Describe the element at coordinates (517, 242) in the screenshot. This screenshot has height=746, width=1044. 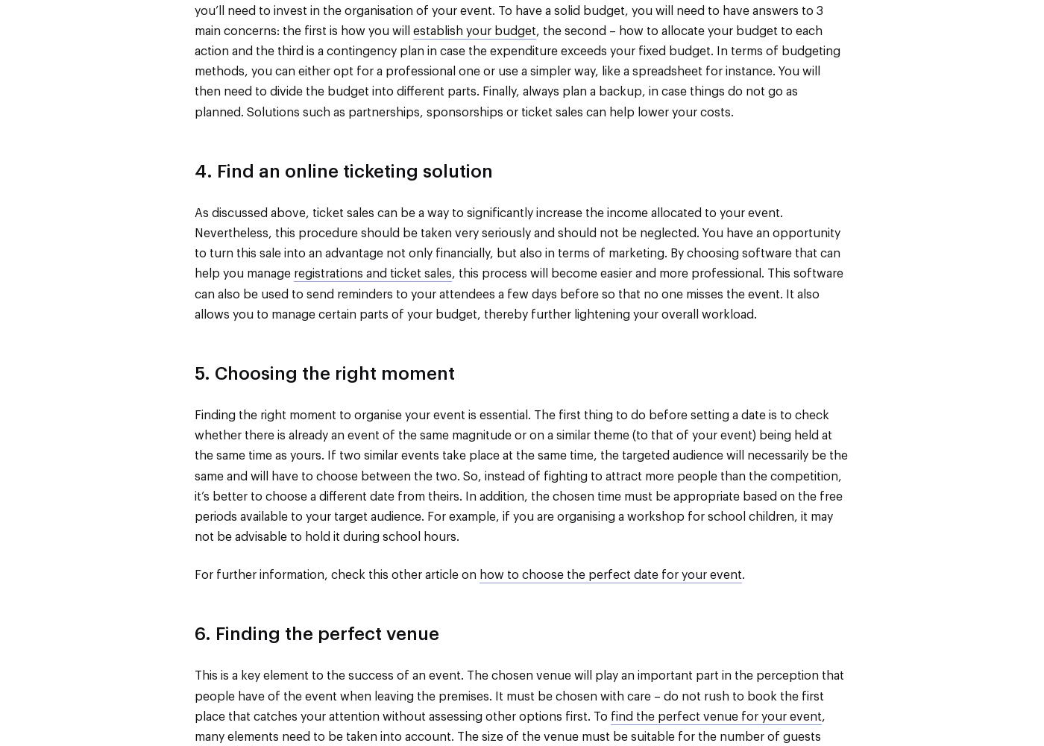
I see `'As discussed above, ticket sales can be a way to significantly increase the income allocated to your event. Nevertheless, this procedure should be taken very seriously and should not be neglected. You have an opportunity to turn this sale into an advantage not only financially, but also in terms of marketing. By choosing software that can help you manage'` at that location.